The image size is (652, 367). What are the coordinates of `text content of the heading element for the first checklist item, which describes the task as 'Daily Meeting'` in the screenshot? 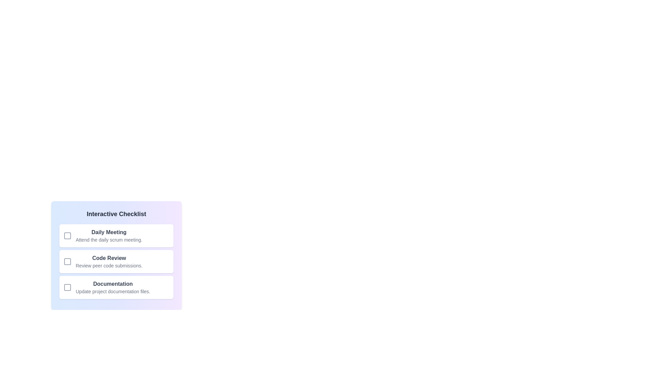 It's located at (109, 232).